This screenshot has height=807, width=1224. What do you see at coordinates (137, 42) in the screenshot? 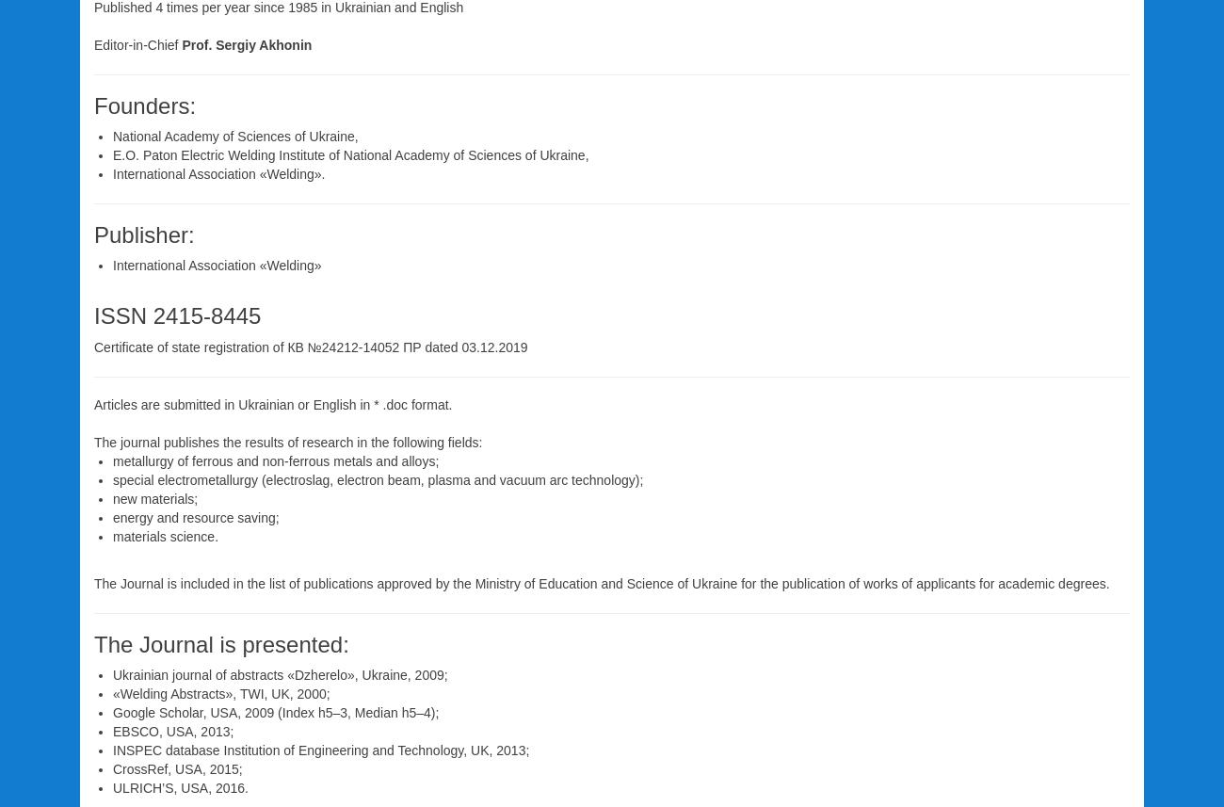
I see `'Editor-in-Chief'` at bounding box center [137, 42].